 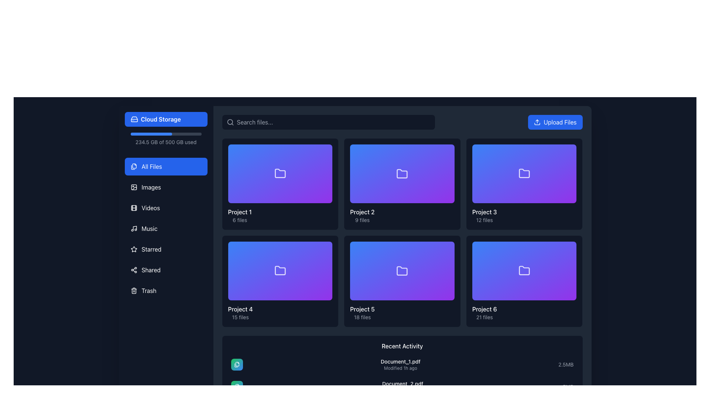 I want to click on the vertical ellipsis button located in the top-right corner of the 'Project 3' folder card, so click(x=569, y=151).